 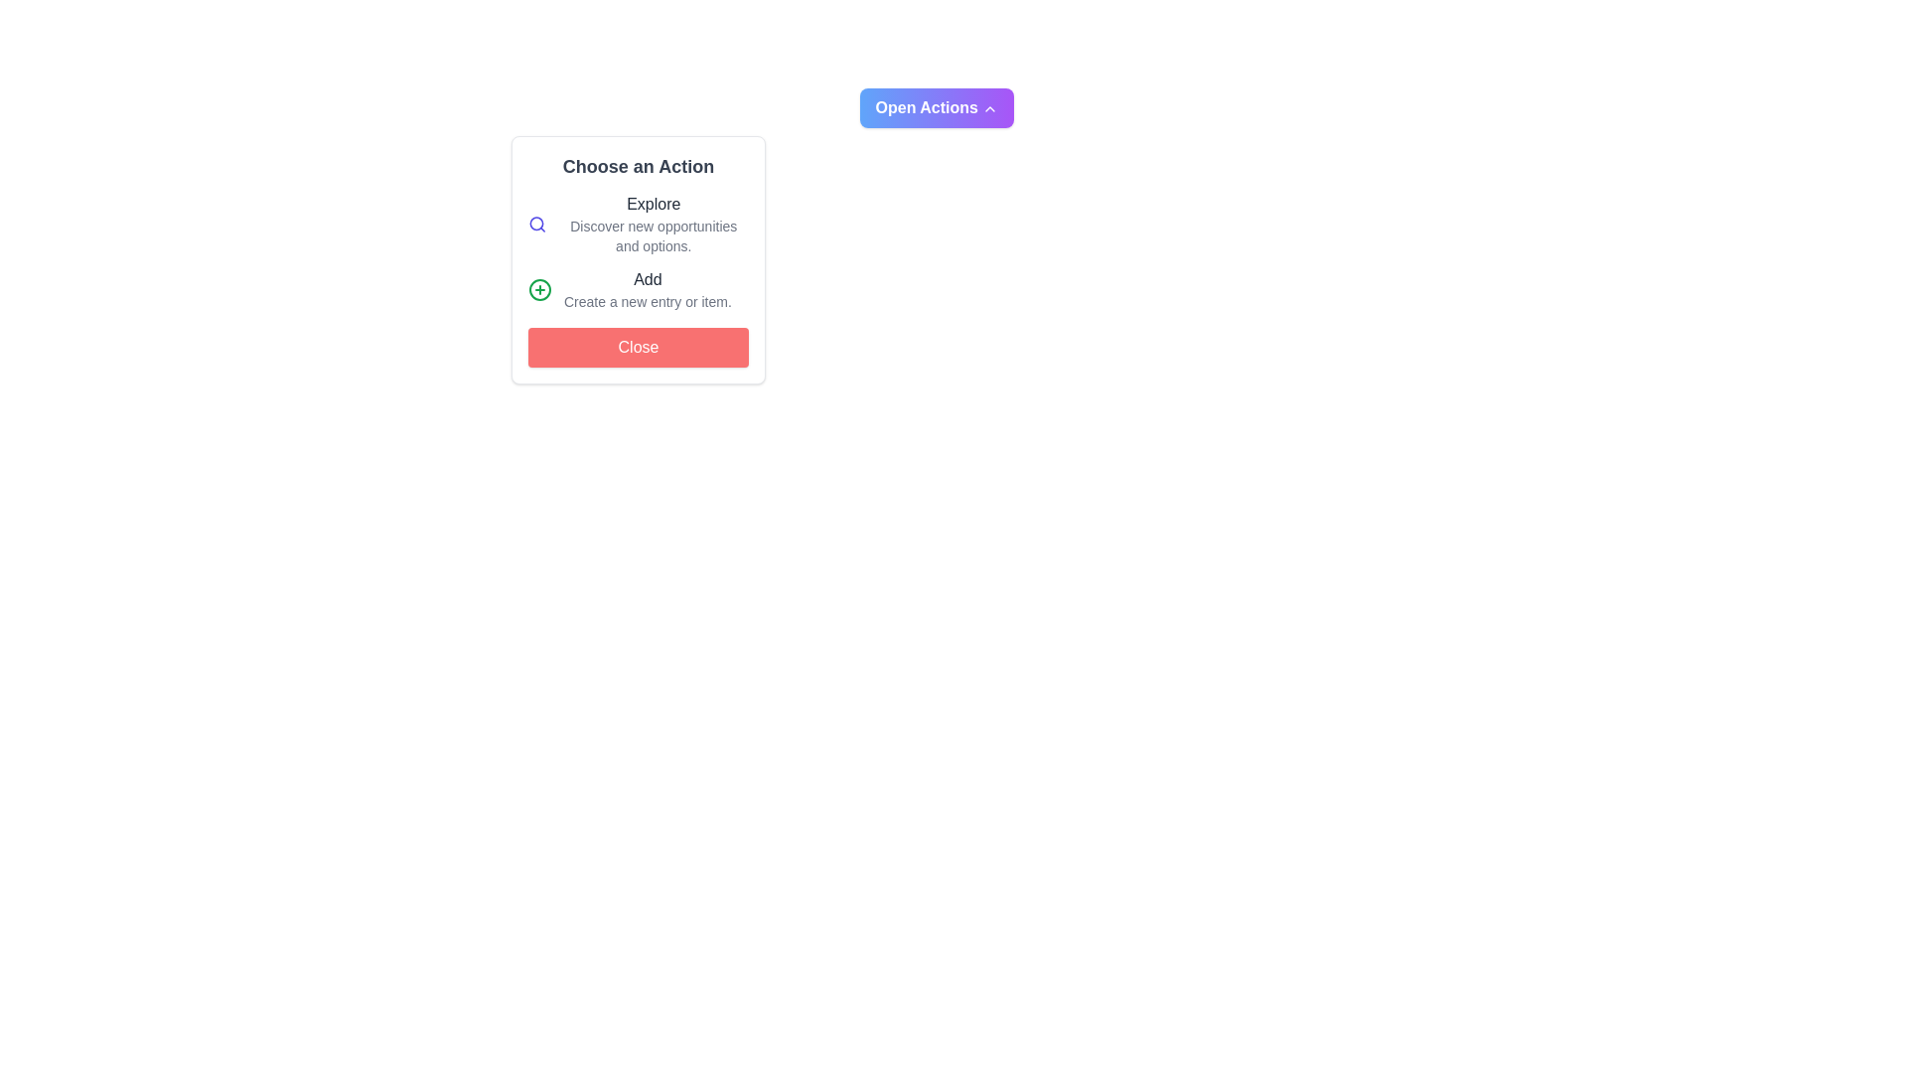 I want to click on the button in the top-right of the 'Choose an Action' section, so click(x=936, y=107).